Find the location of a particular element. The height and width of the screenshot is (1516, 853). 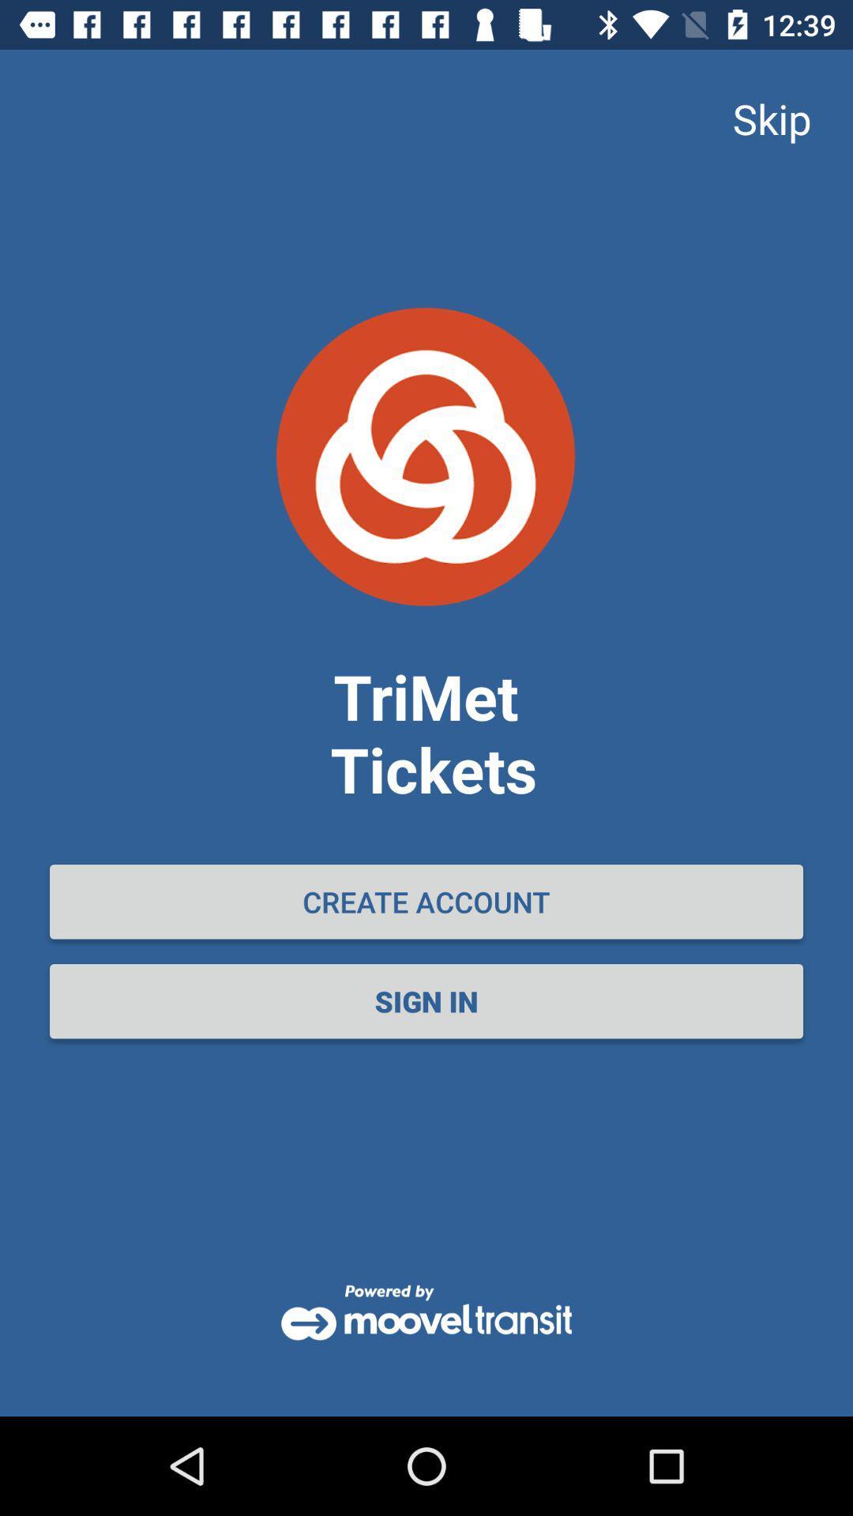

the sign in item is located at coordinates (426, 1000).